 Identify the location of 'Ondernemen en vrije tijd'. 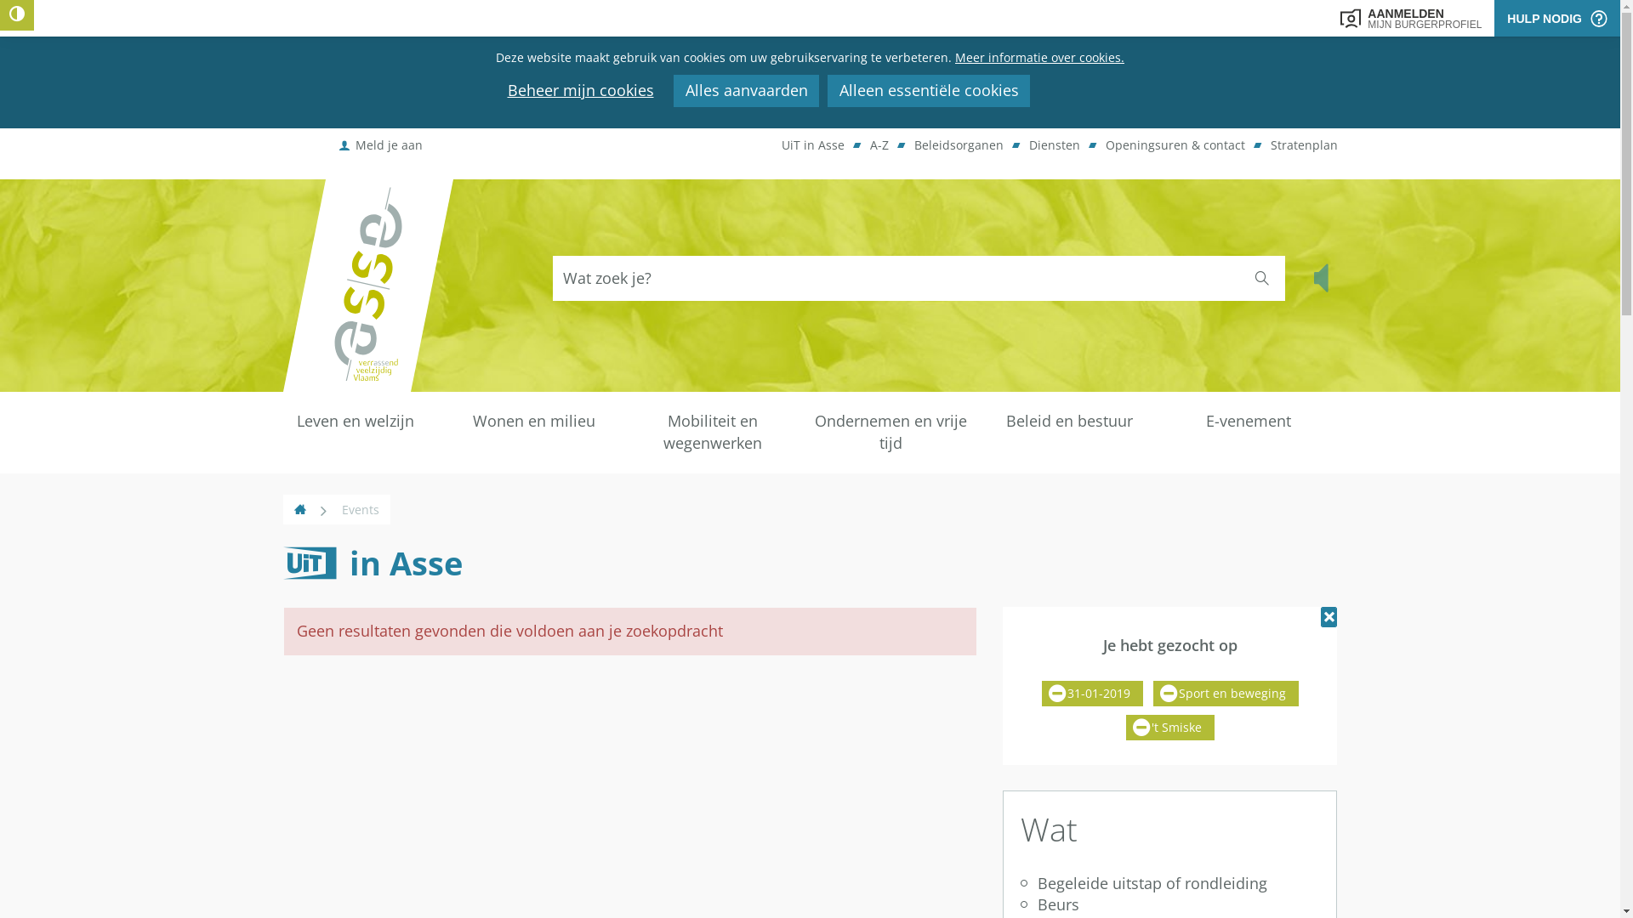
(889, 432).